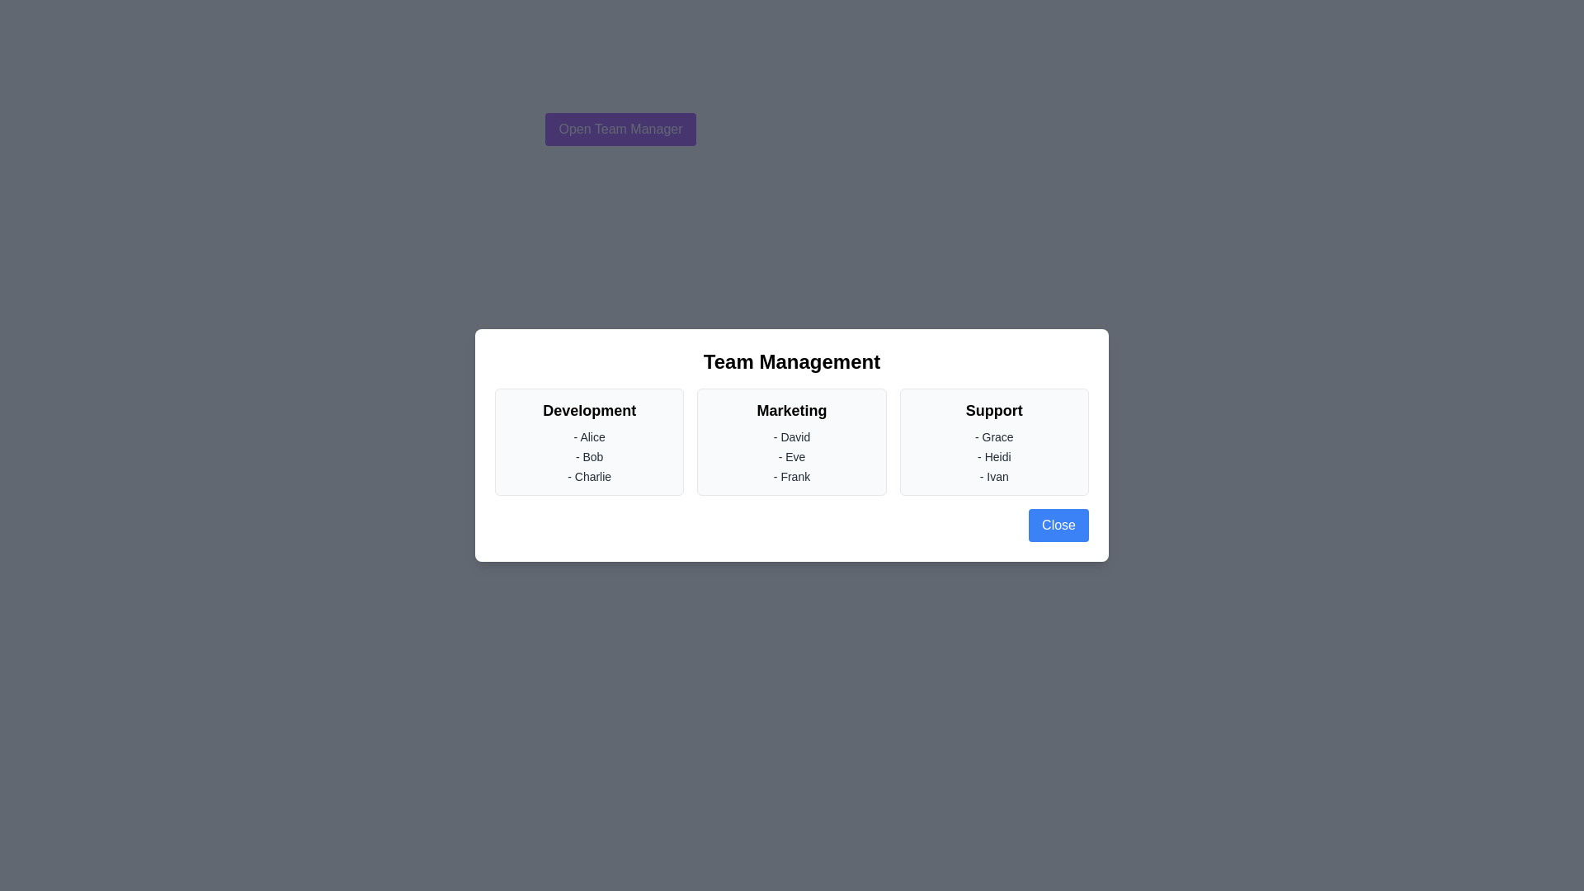 The height and width of the screenshot is (891, 1584). What do you see at coordinates (589, 441) in the screenshot?
I see `the Development section to interact with it` at bounding box center [589, 441].